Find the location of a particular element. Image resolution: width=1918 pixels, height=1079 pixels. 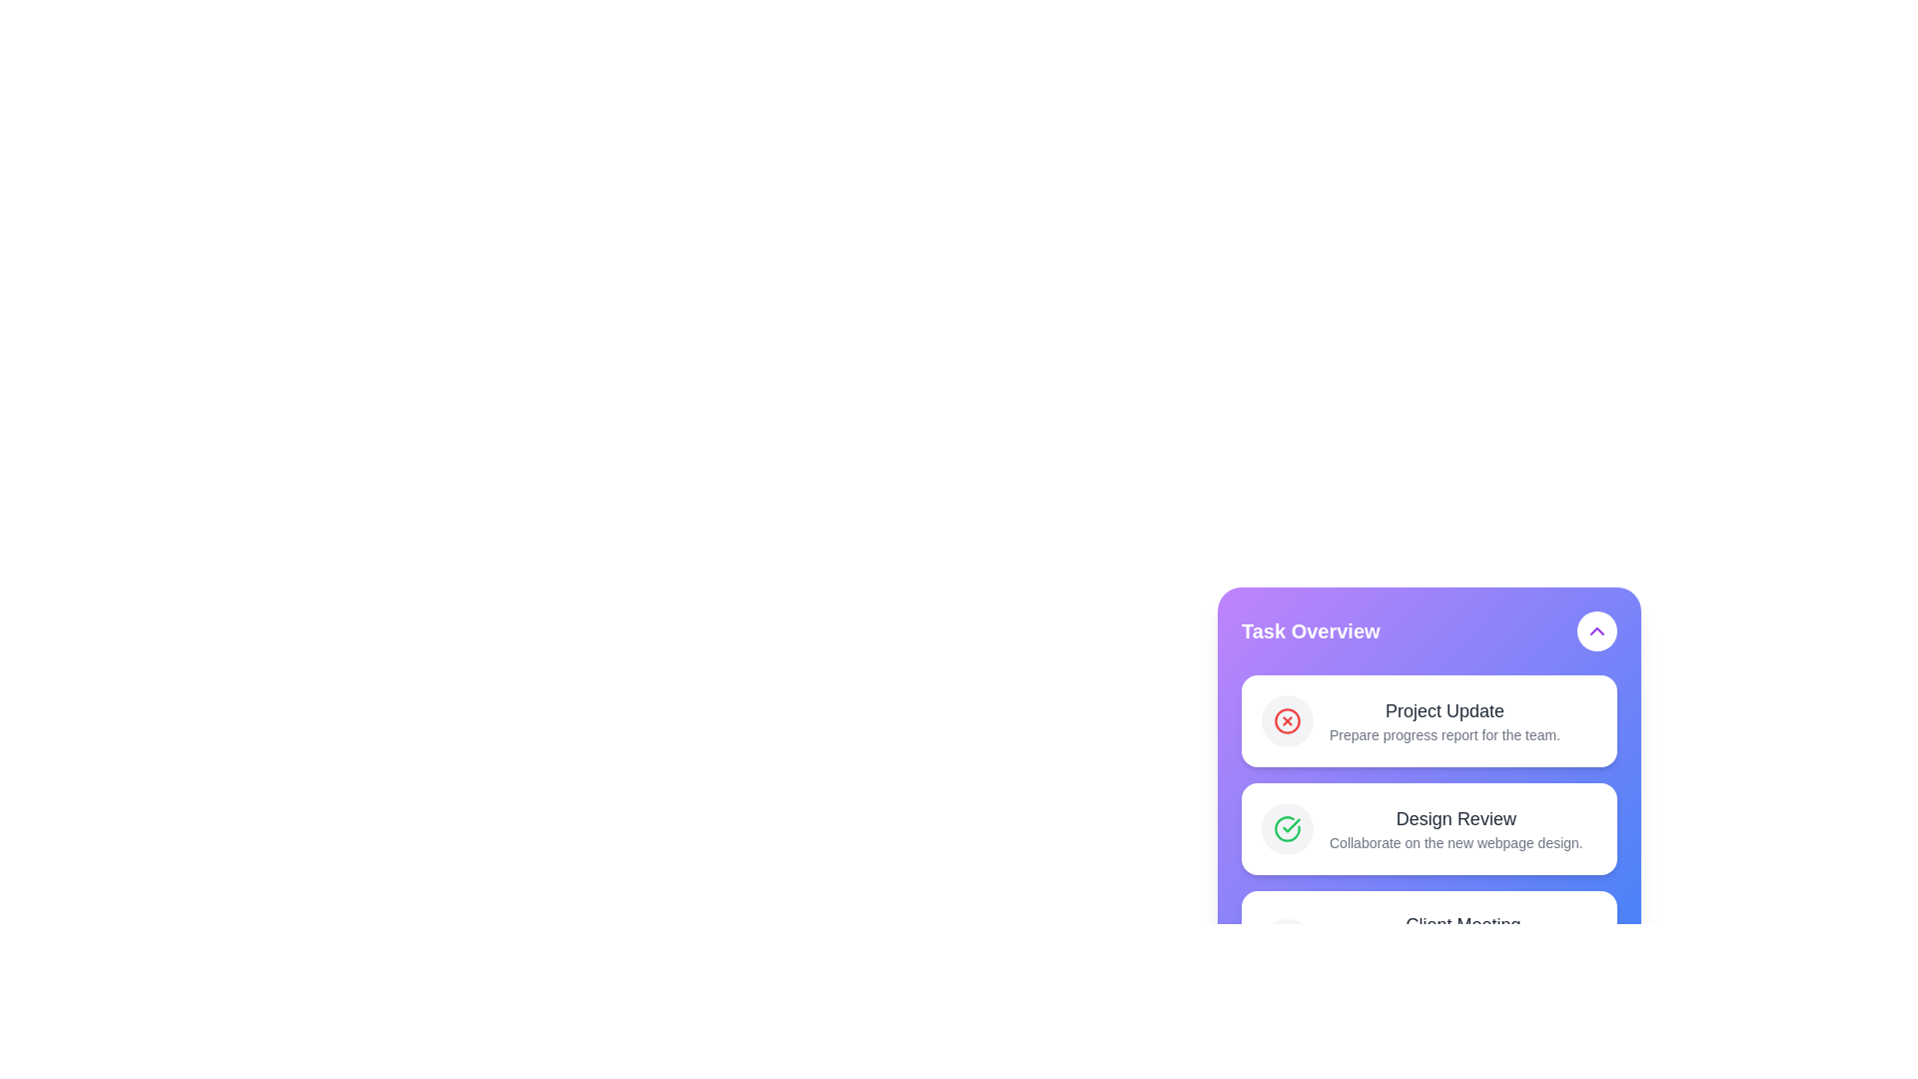

the arrow button to toggle the visibility of the task list is located at coordinates (1595, 631).